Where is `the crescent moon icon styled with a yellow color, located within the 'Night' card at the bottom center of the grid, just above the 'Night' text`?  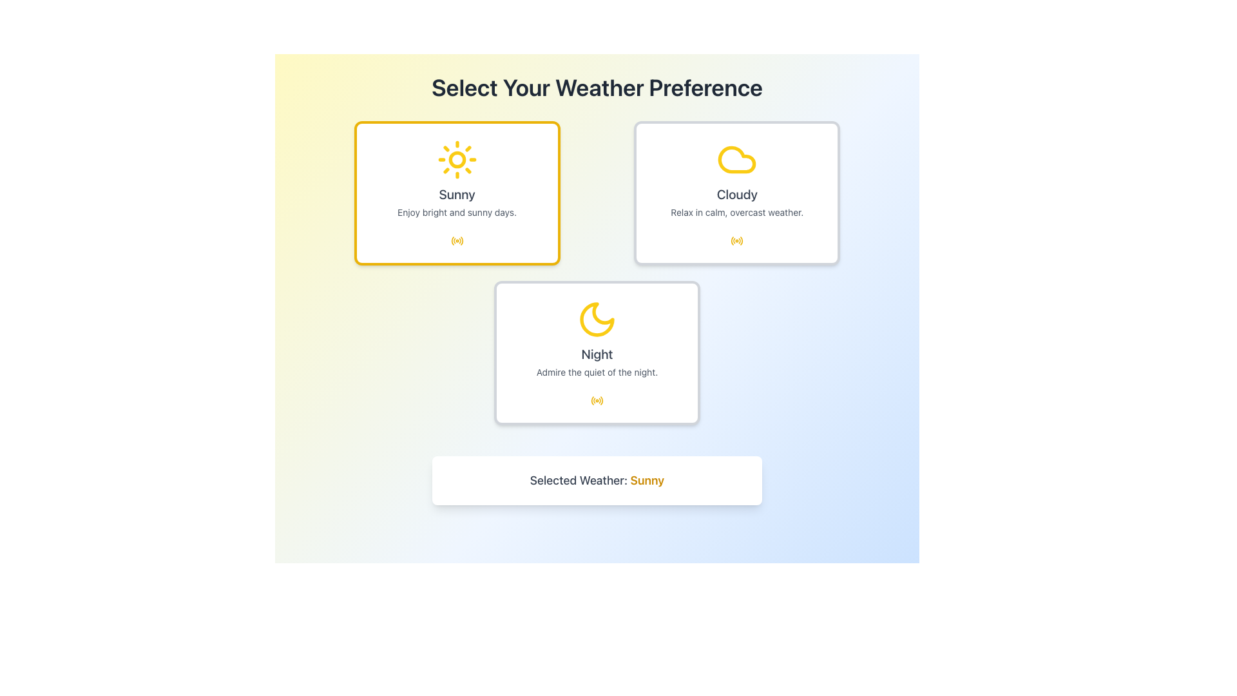 the crescent moon icon styled with a yellow color, located within the 'Night' card at the bottom center of the grid, just above the 'Night' text is located at coordinates (596, 319).